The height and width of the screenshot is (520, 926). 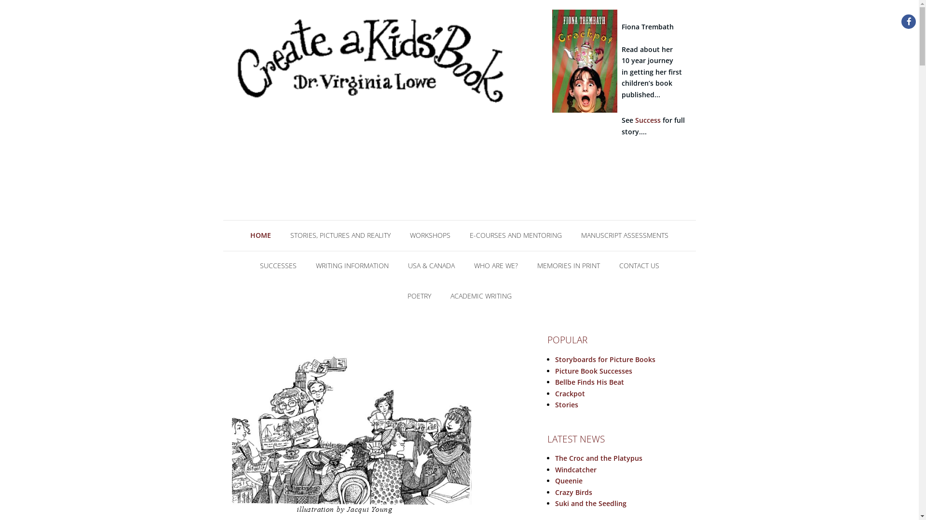 I want to click on 'HOME', so click(x=260, y=234).